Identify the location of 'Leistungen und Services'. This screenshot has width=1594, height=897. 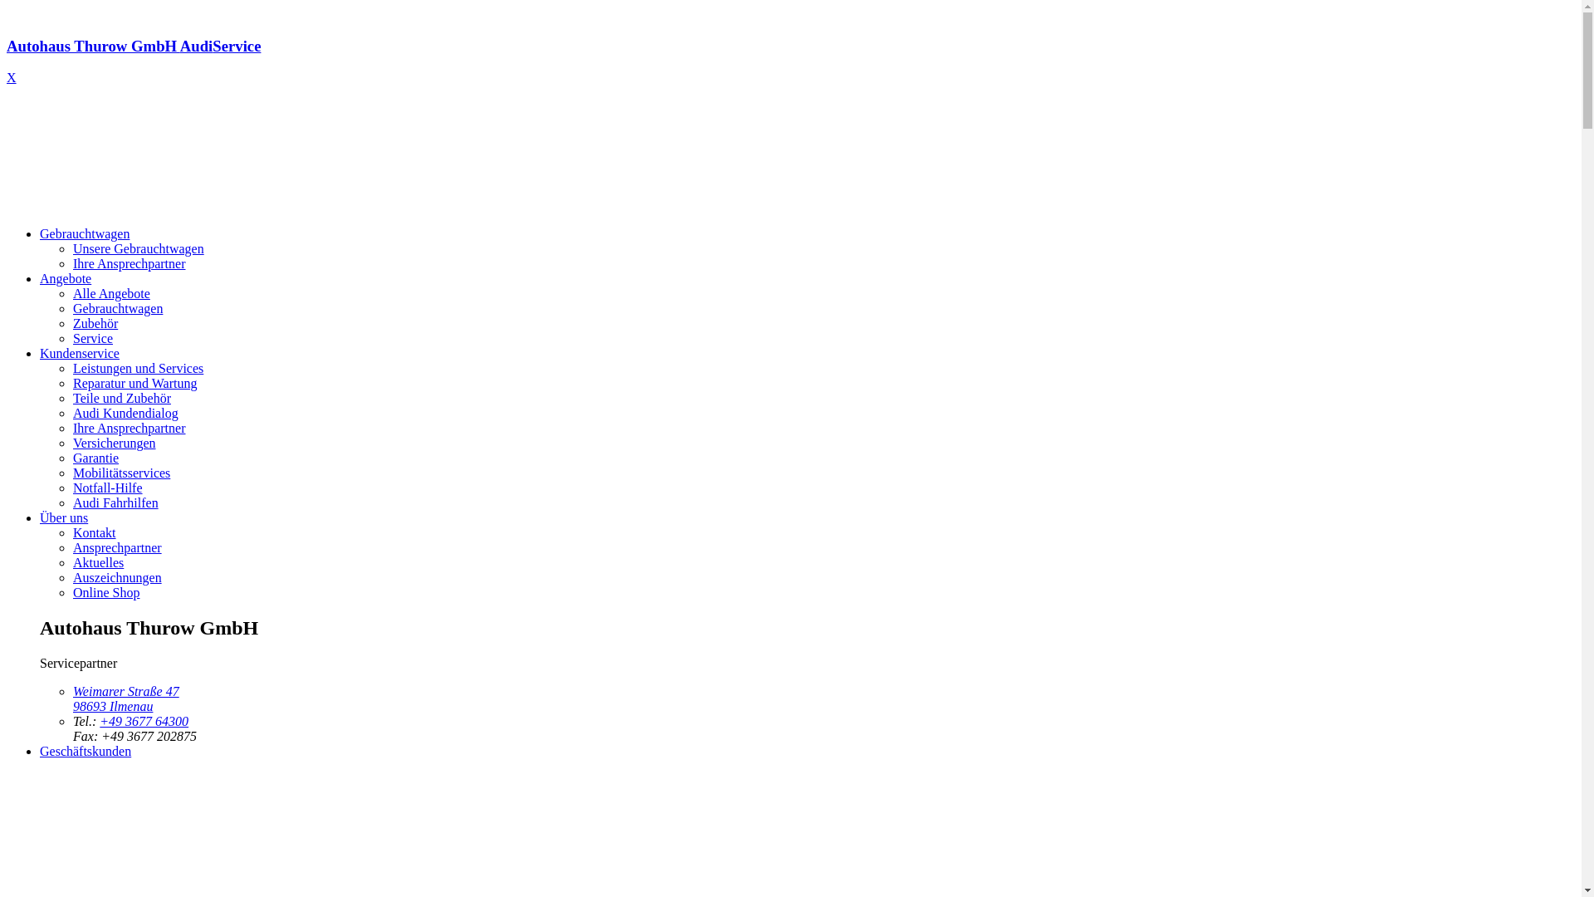
(71, 367).